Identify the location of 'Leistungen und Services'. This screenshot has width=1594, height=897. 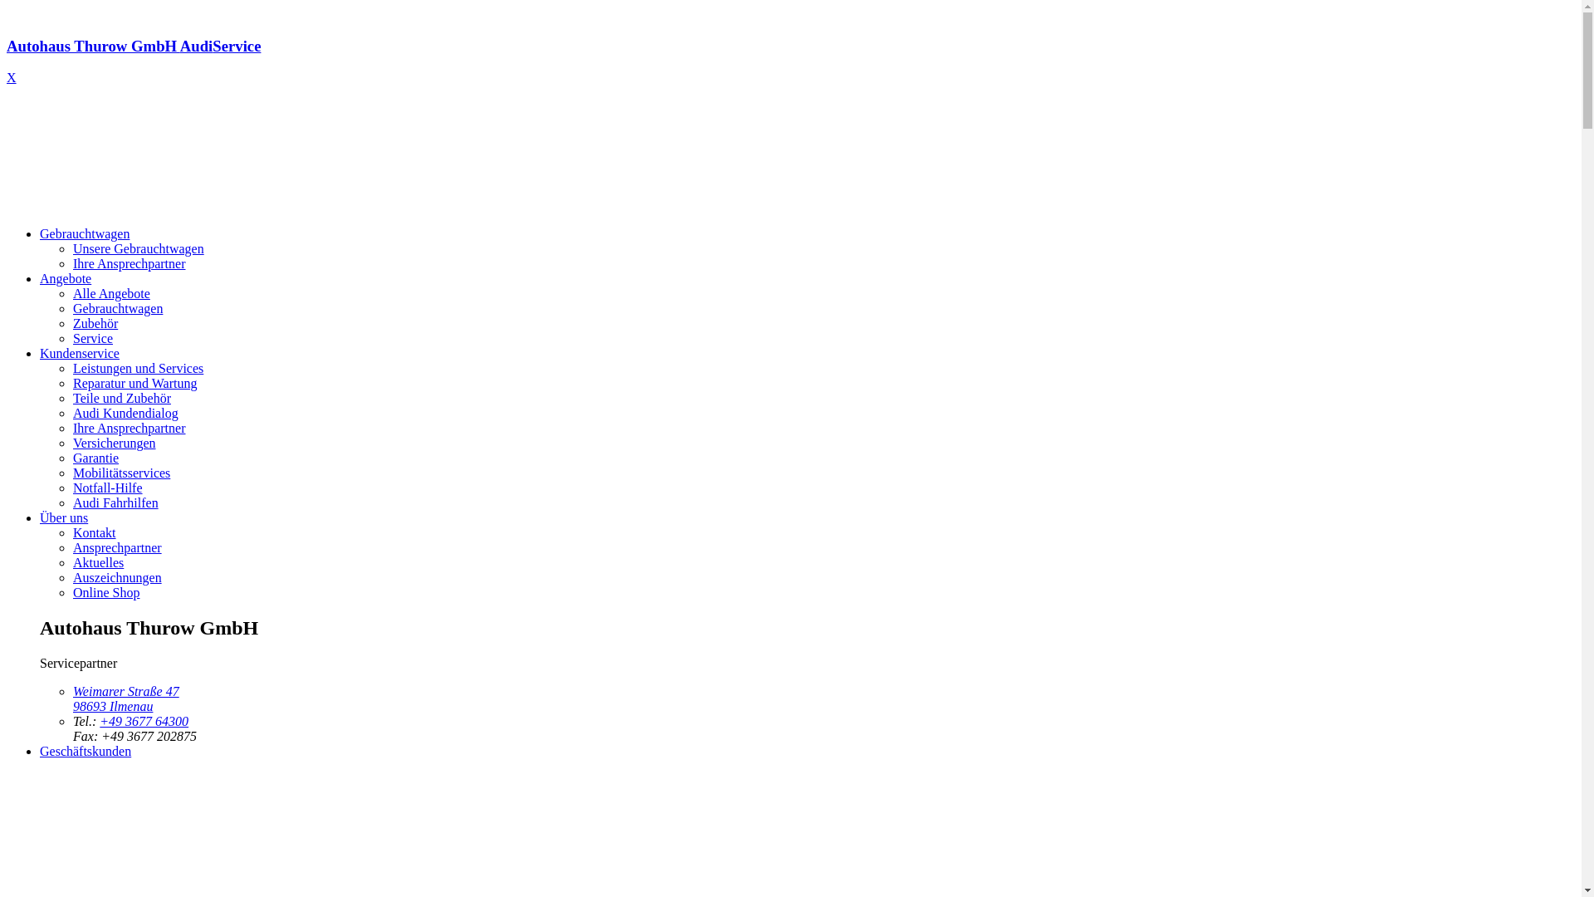
(71, 367).